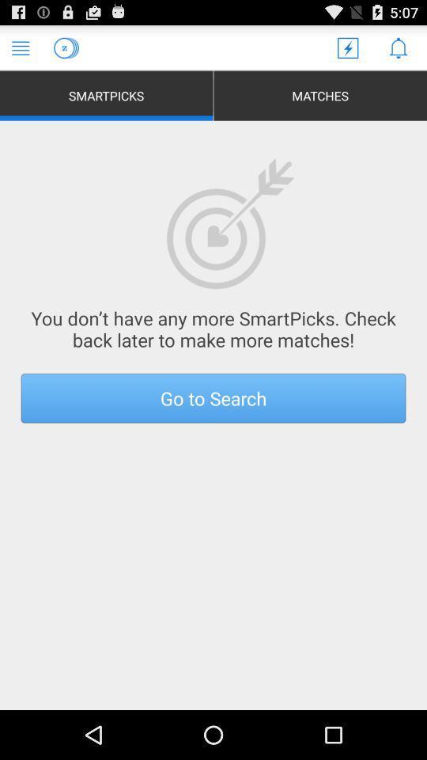  Describe the element at coordinates (213, 397) in the screenshot. I see `the go to search button` at that location.